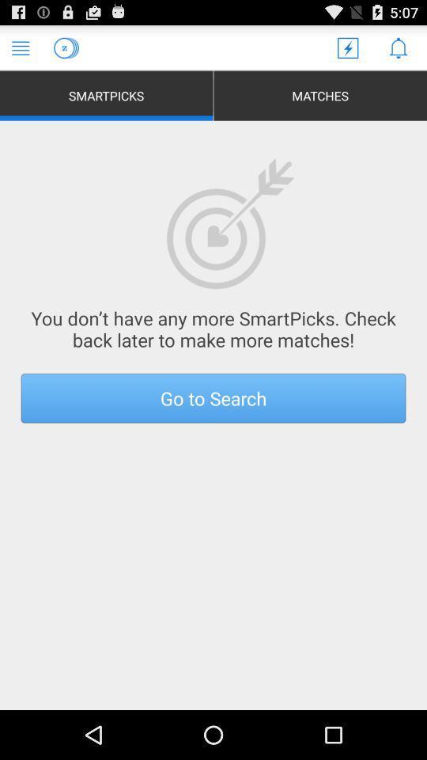  Describe the element at coordinates (213, 397) in the screenshot. I see `the go to search button` at that location.